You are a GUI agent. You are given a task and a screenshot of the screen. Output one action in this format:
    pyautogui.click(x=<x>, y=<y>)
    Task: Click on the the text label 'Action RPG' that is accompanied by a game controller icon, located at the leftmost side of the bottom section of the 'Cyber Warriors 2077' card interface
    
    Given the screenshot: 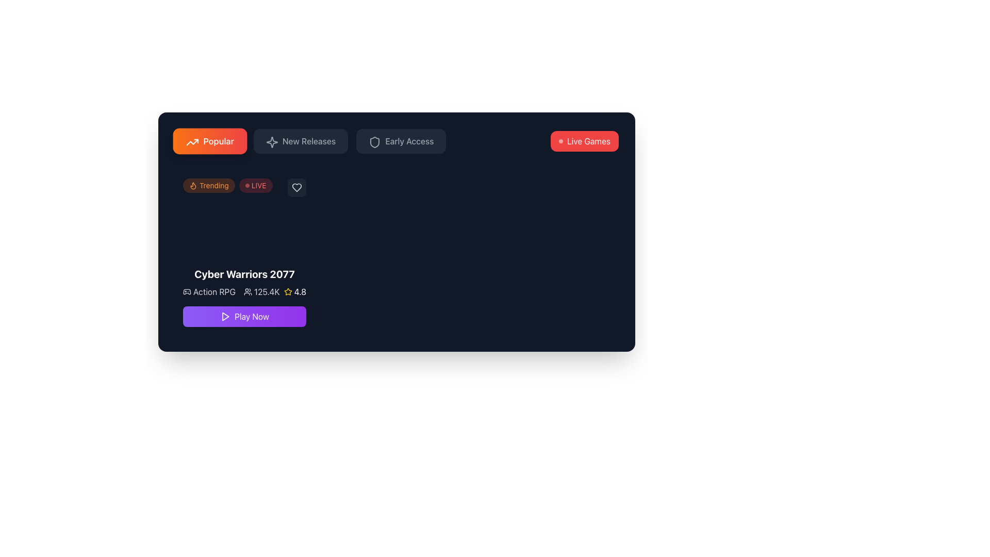 What is the action you would take?
    pyautogui.click(x=230, y=292)
    